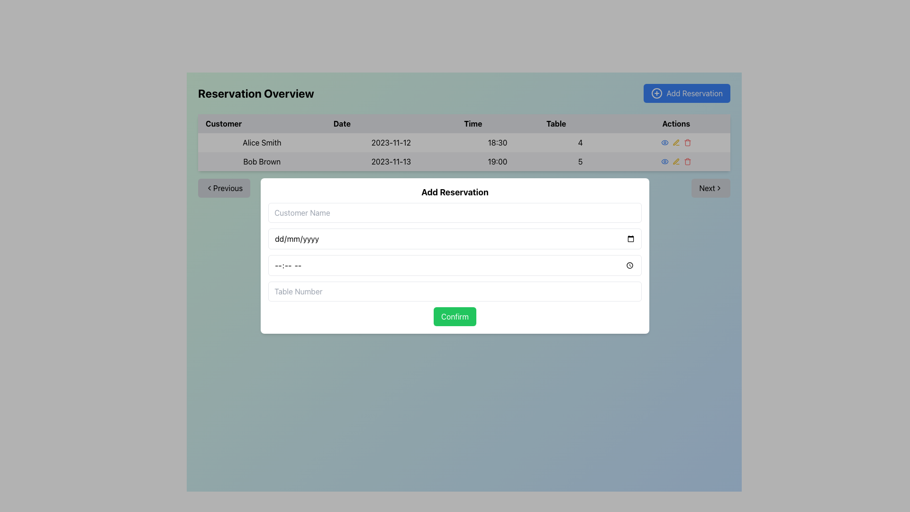 The height and width of the screenshot is (512, 910). I want to click on the chevron icon within the 'Next' button that has a gray background and rounded corners, located in the lower right section of the interface, so click(719, 188).